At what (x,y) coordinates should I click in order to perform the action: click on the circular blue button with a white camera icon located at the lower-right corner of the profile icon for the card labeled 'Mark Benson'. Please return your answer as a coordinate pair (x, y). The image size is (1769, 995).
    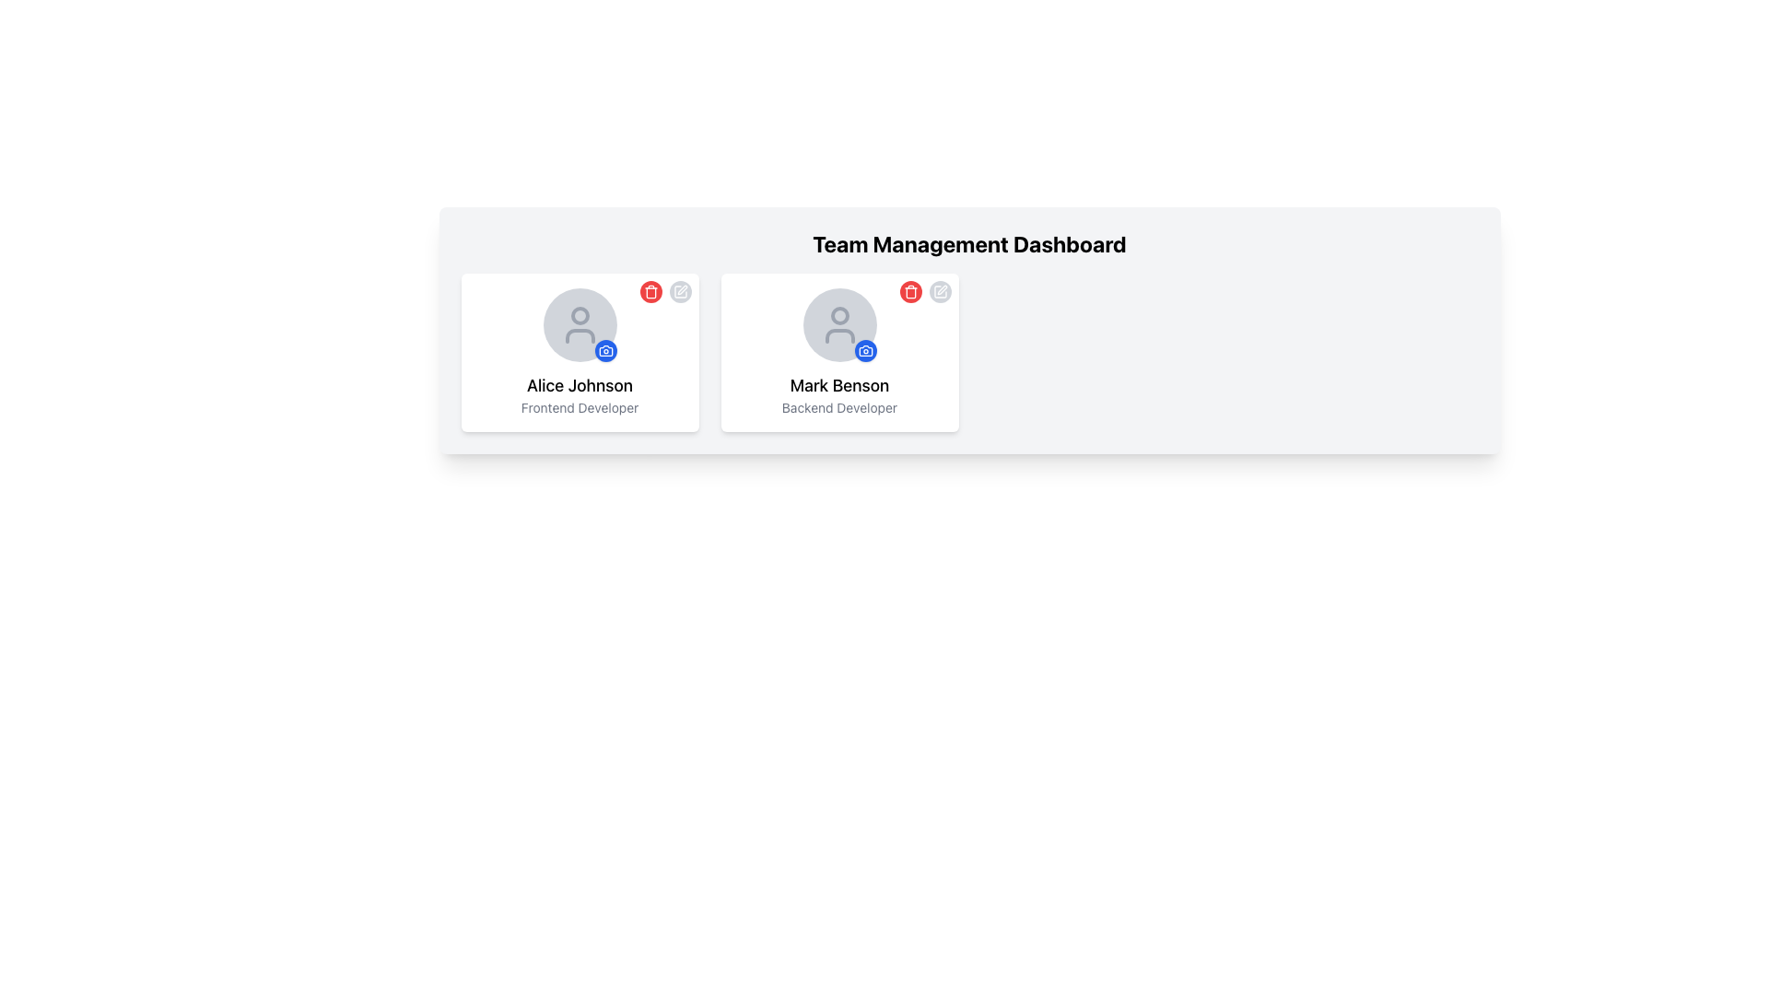
    Looking at the image, I should click on (864, 351).